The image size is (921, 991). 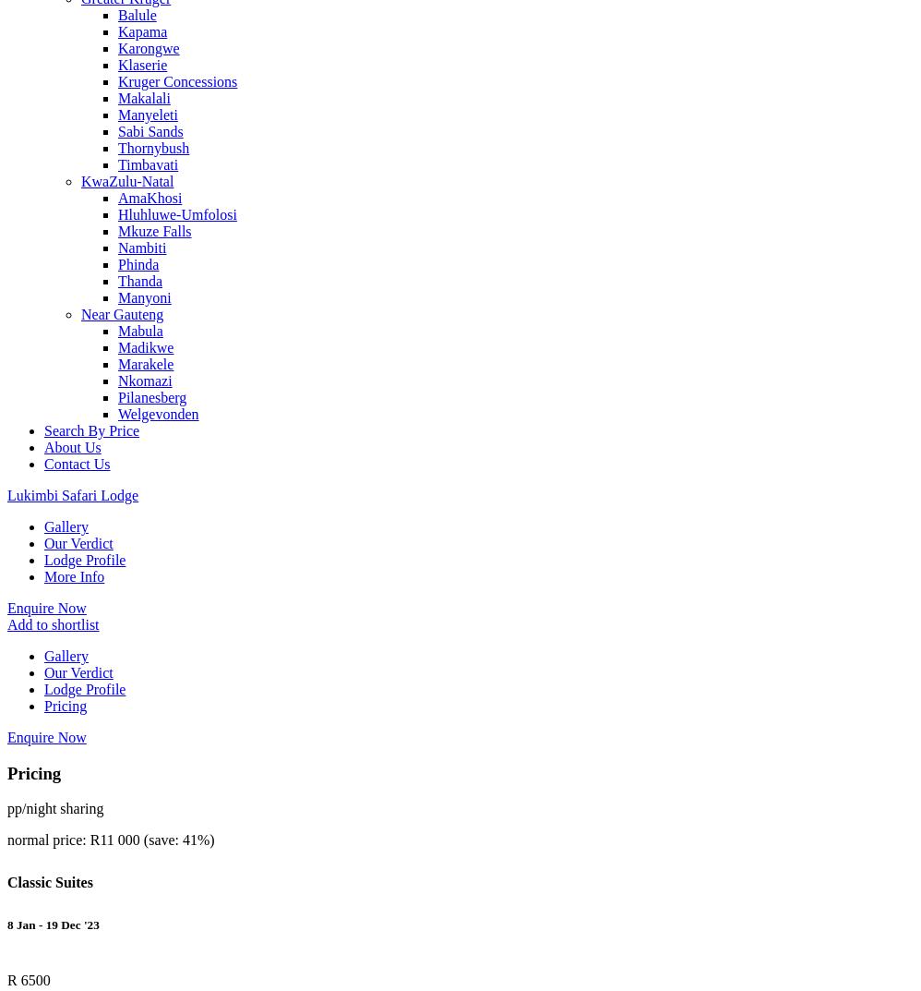 What do you see at coordinates (80, 181) in the screenshot?
I see `'KwaZulu-Natal'` at bounding box center [80, 181].